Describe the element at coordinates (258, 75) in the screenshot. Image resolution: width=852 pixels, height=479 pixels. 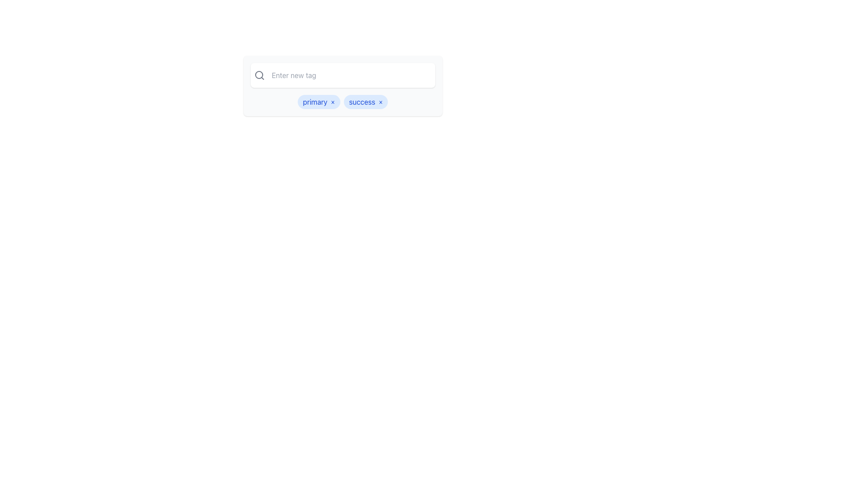
I see `the circular shape that represents the search functionality, located to the left of the input field labeled 'Enter new tag'` at that location.